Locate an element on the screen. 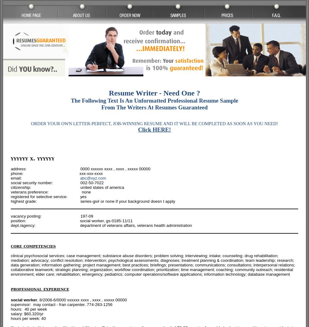 This screenshot has height=327, width=309. 'citizenship:                                           united states of america' is located at coordinates (11, 187).